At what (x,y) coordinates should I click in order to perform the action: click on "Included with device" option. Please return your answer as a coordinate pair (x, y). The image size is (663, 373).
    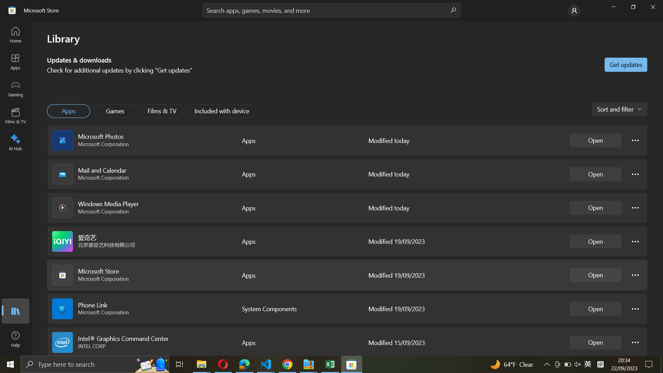
    Looking at the image, I should click on (222, 110).